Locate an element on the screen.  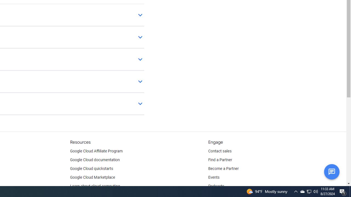
'Button to activate chat' is located at coordinates (331, 171).